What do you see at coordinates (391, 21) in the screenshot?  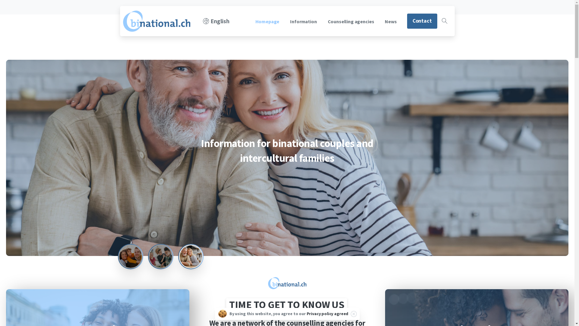 I see `'News'` at bounding box center [391, 21].